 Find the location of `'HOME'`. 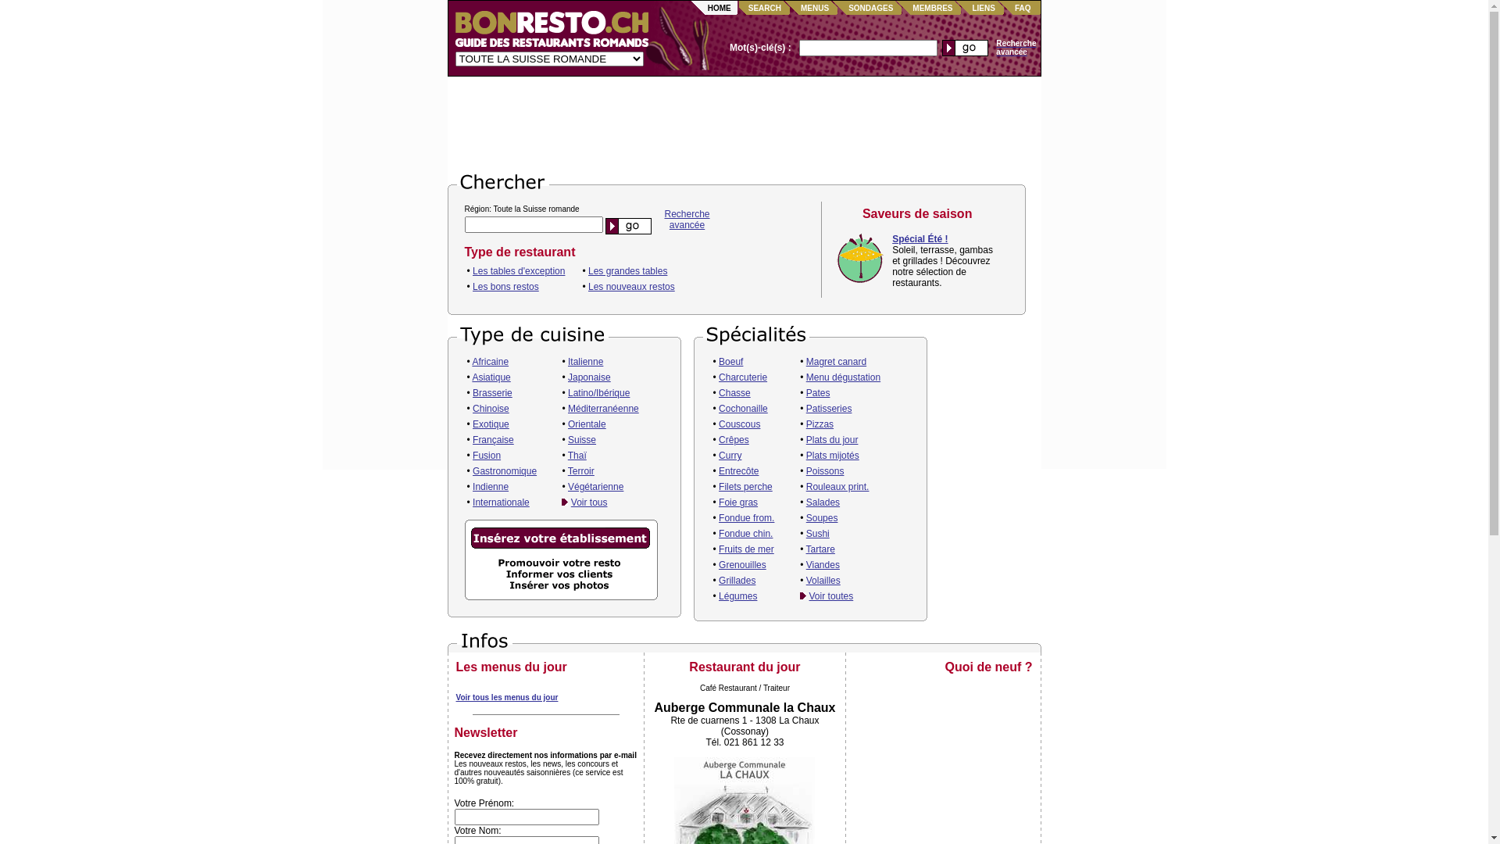

'HOME' is located at coordinates (719, 7).